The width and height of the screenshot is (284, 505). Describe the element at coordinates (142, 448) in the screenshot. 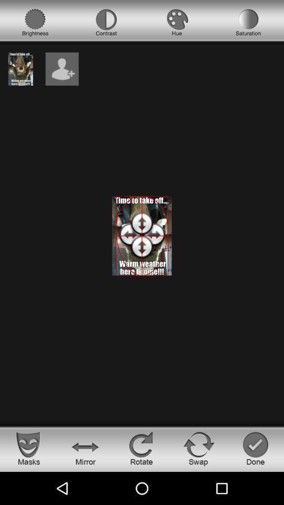

I see `rotate photo` at that location.